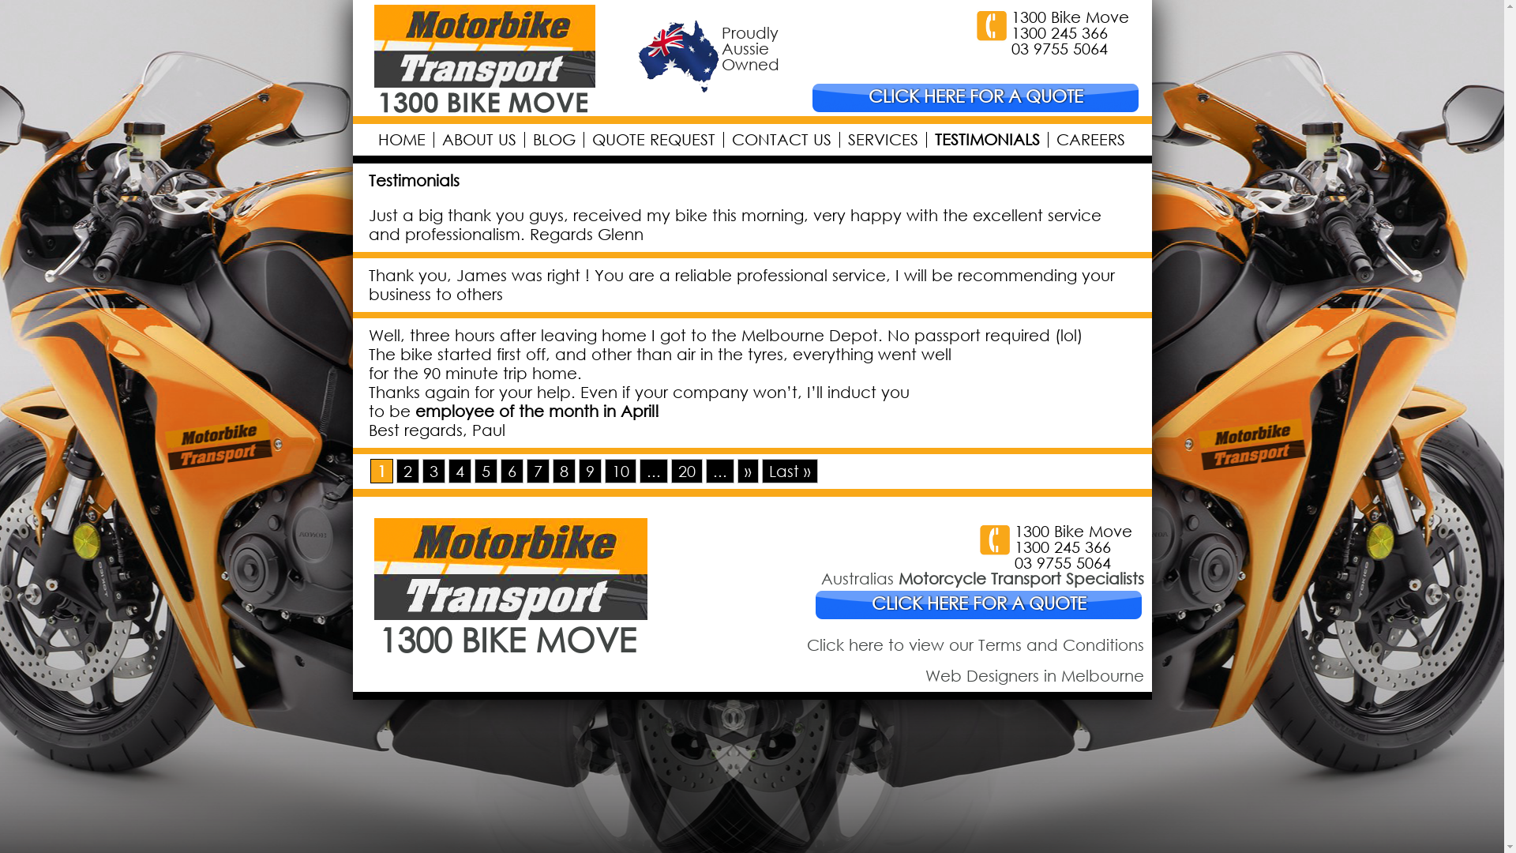 Image resolution: width=1516 pixels, height=853 pixels. Describe the element at coordinates (368, 139) in the screenshot. I see `'HOME'` at that location.